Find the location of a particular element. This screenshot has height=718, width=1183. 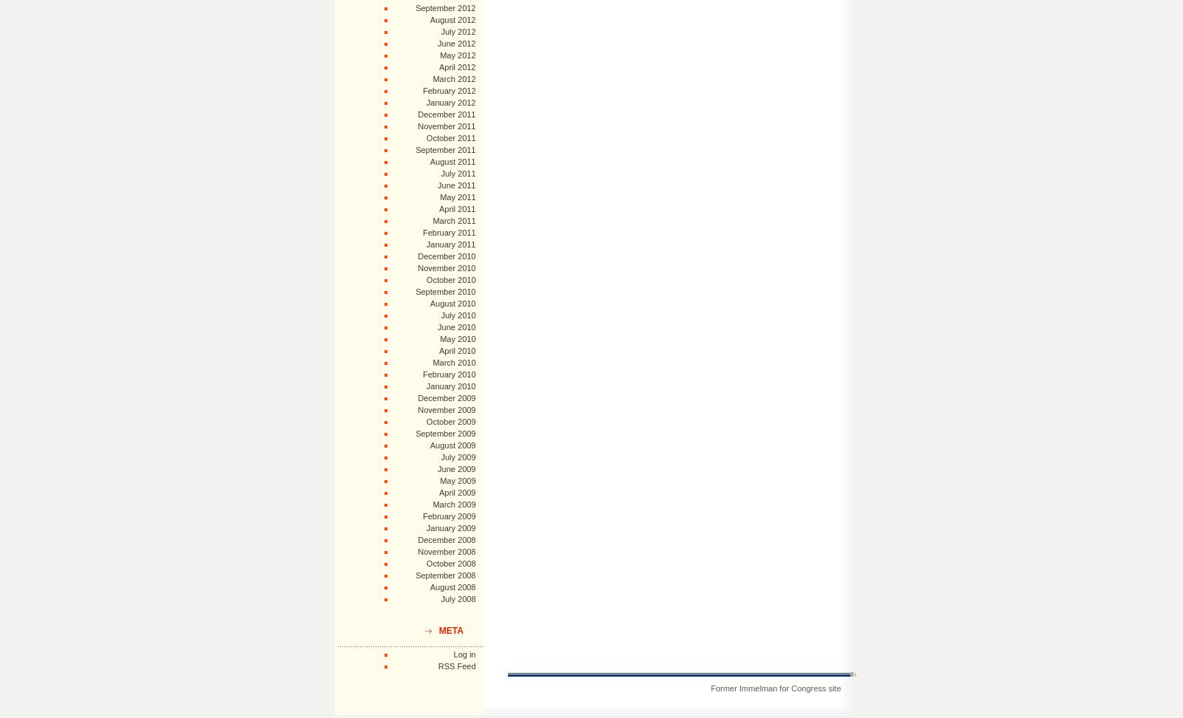

'November 2011' is located at coordinates (447, 126).